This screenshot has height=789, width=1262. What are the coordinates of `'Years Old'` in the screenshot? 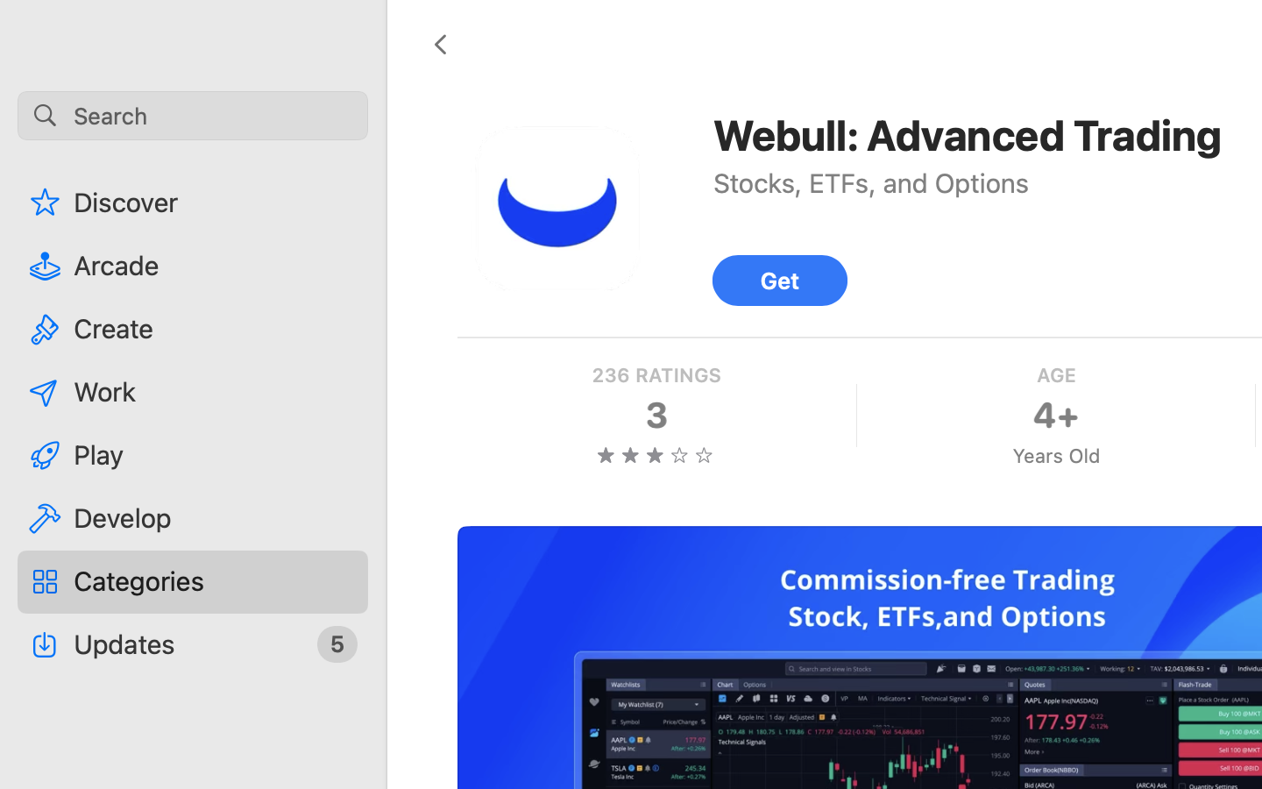 It's located at (1054, 455).